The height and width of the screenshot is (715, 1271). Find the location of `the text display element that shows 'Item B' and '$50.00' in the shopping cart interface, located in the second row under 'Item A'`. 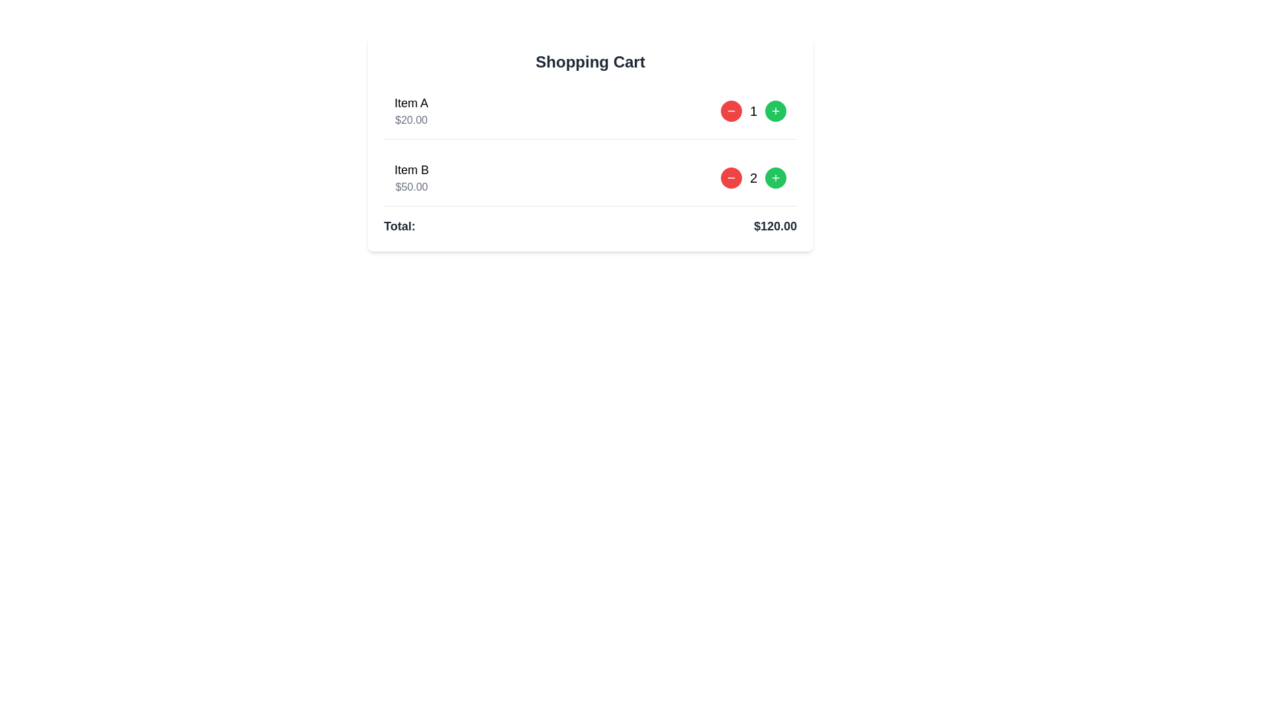

the text display element that shows 'Item B' and '$50.00' in the shopping cart interface, located in the second row under 'Item A' is located at coordinates (411, 177).